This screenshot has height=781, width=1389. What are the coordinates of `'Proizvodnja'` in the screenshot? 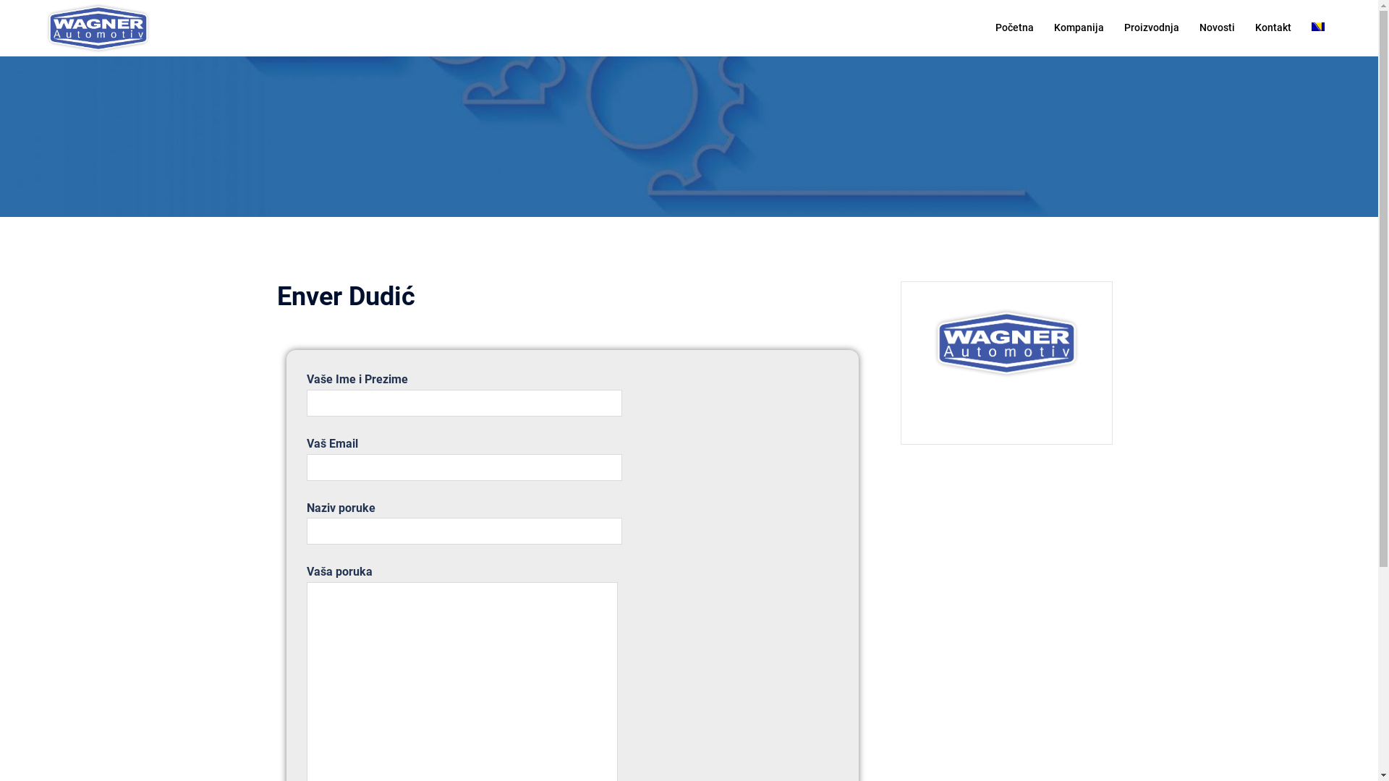 It's located at (1151, 27).